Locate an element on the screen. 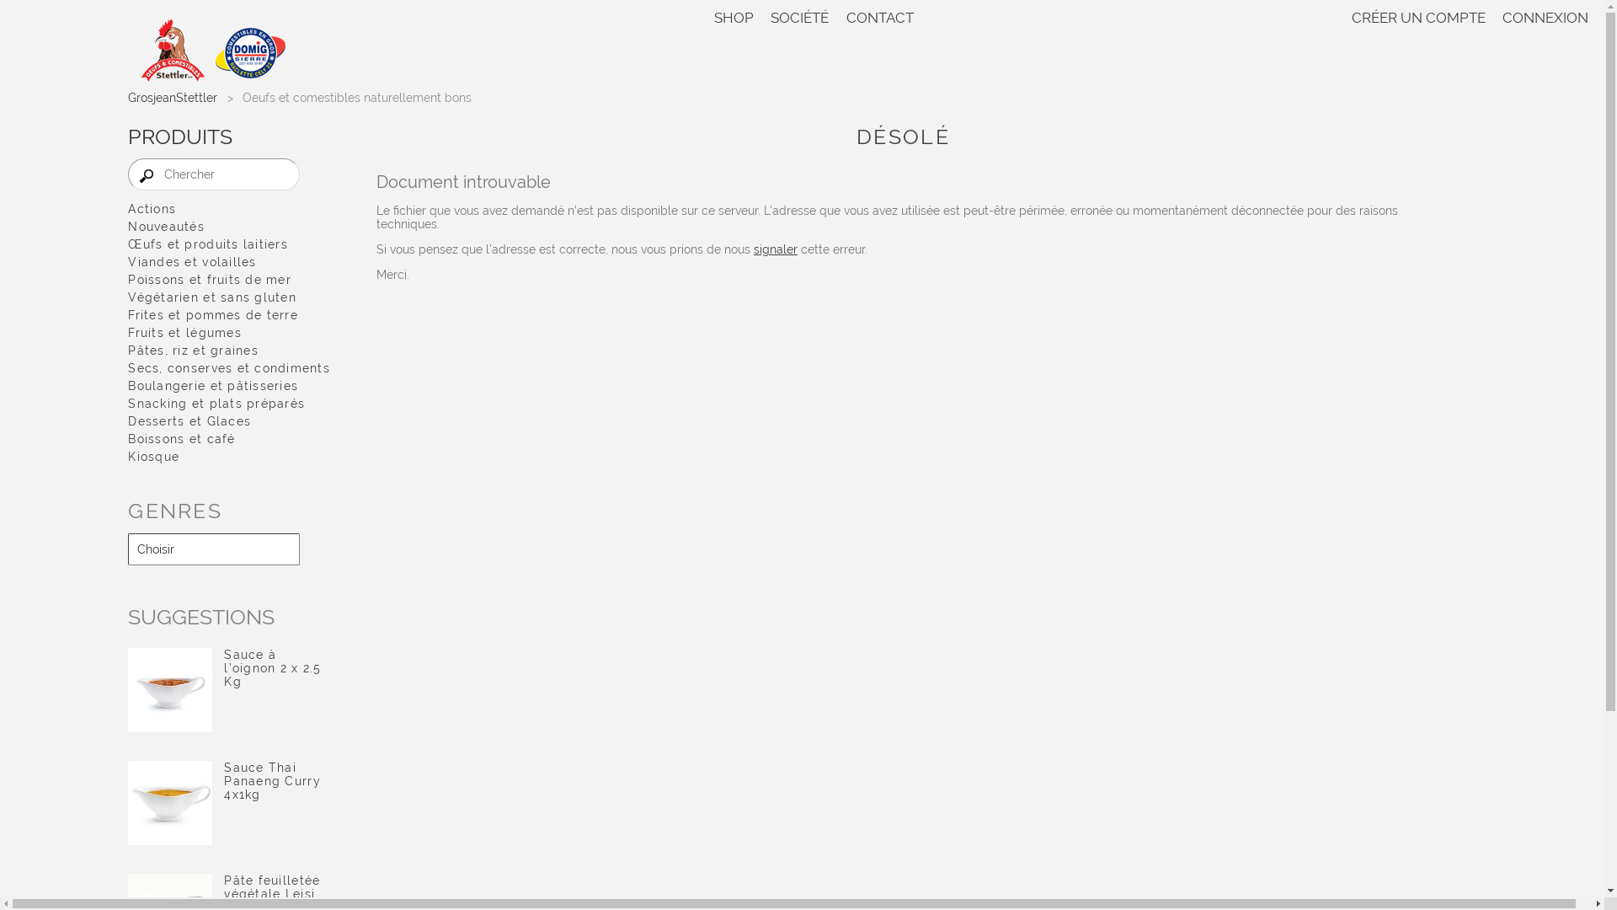  'CONNEXION' is located at coordinates (1540, 17).